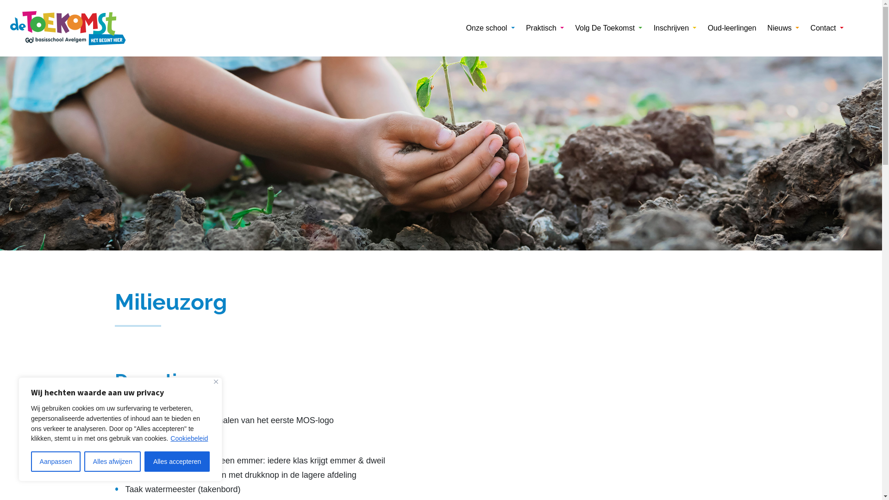 The image size is (889, 500). Describe the element at coordinates (177, 461) in the screenshot. I see `'Alles accepteren'` at that location.